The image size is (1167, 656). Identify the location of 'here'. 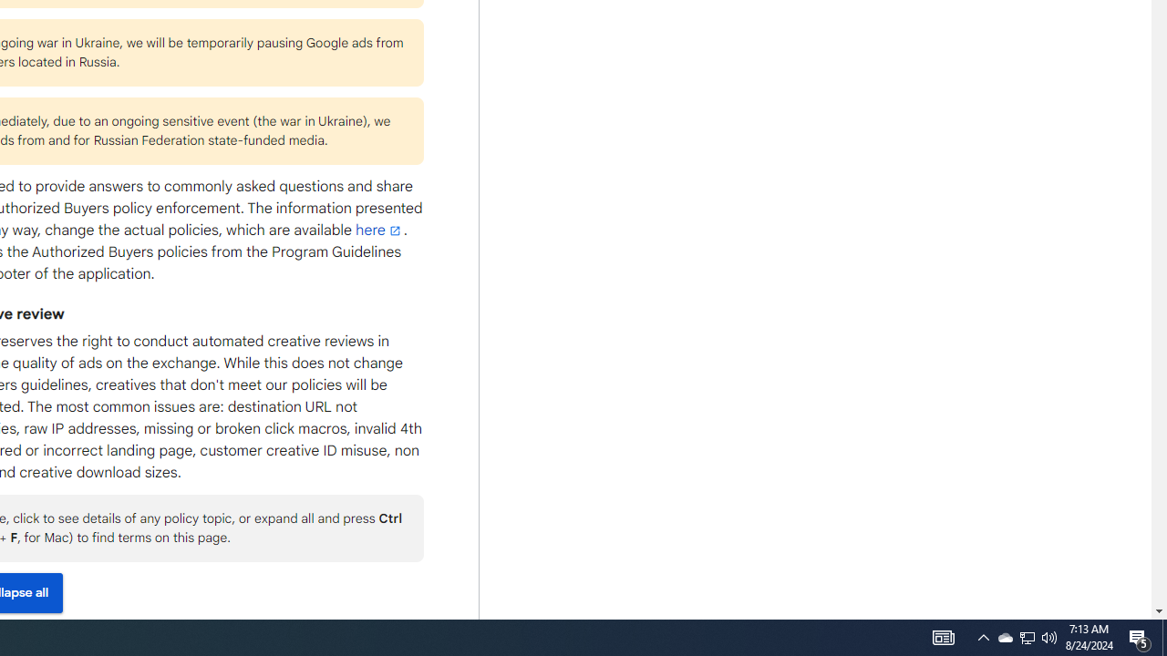
(378, 230).